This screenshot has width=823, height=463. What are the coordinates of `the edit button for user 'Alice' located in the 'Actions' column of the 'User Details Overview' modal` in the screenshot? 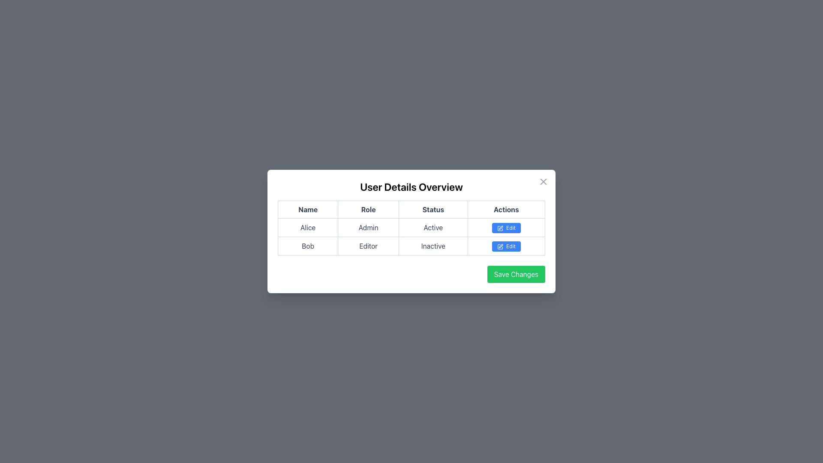 It's located at (506, 228).